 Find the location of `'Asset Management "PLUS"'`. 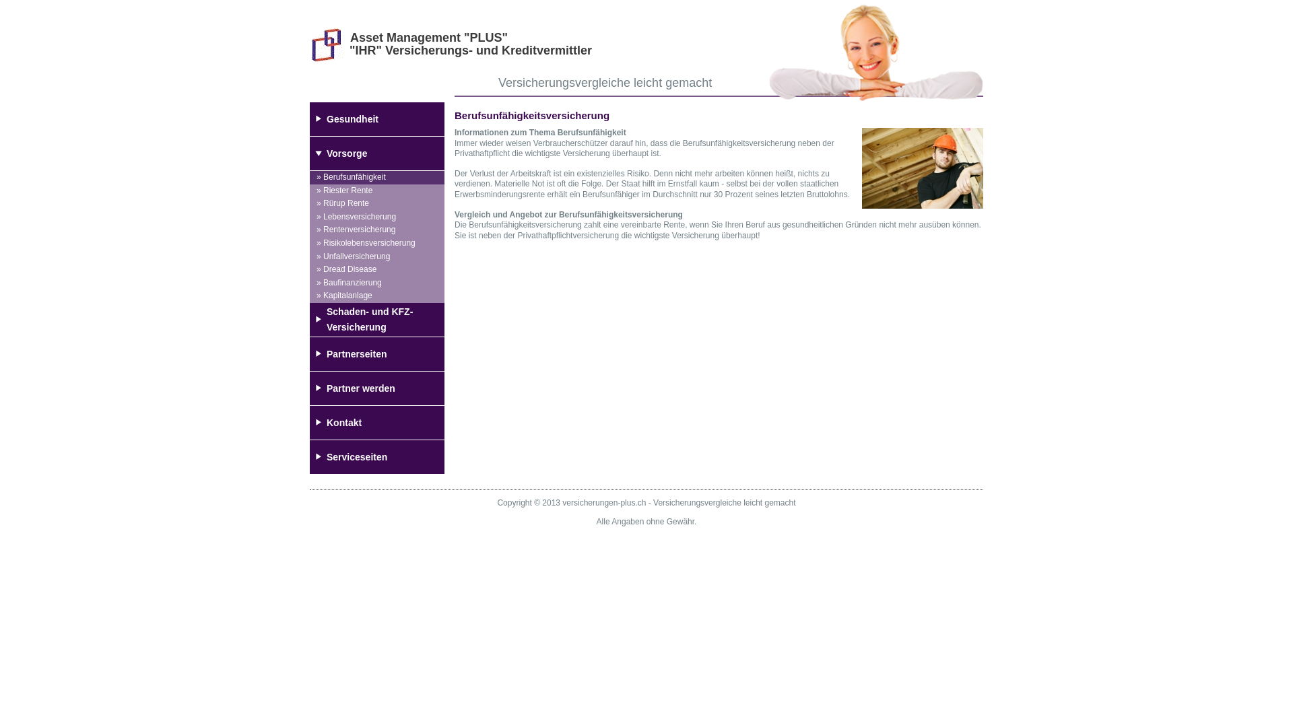

'Asset Management "PLUS"' is located at coordinates (428, 37).